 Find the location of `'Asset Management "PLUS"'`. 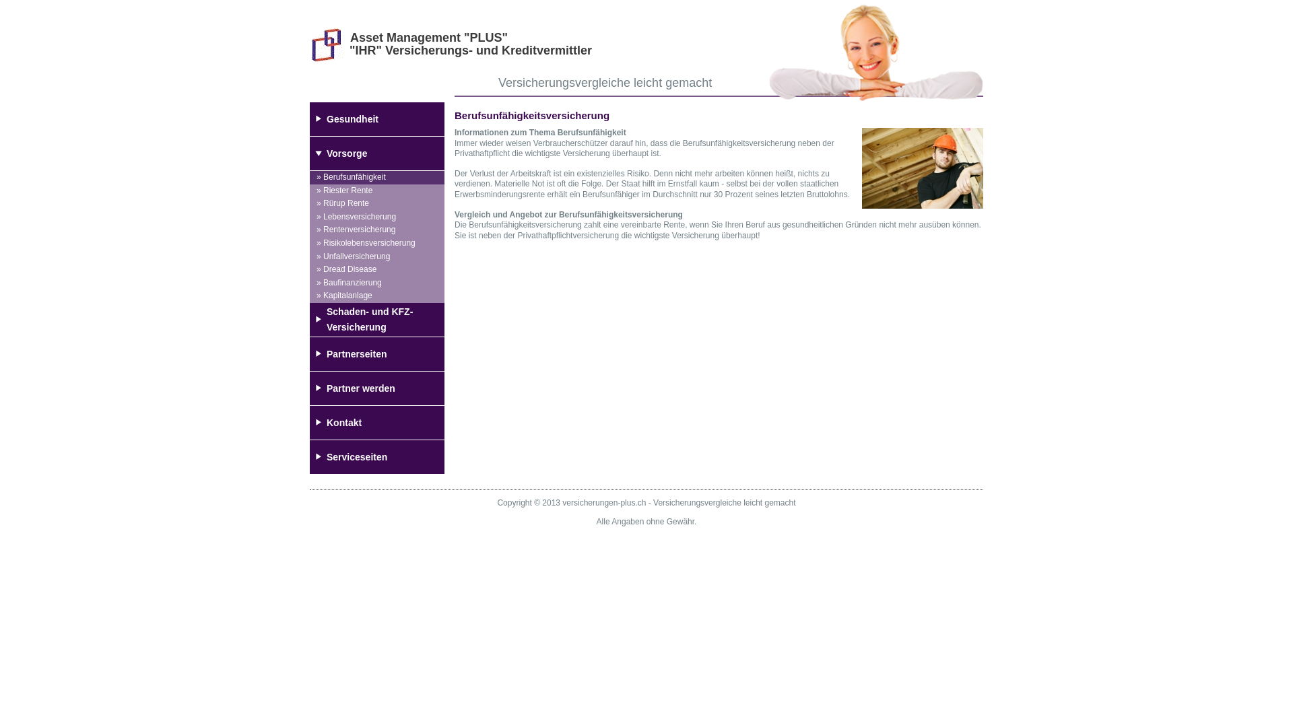

'Asset Management "PLUS"' is located at coordinates (428, 37).